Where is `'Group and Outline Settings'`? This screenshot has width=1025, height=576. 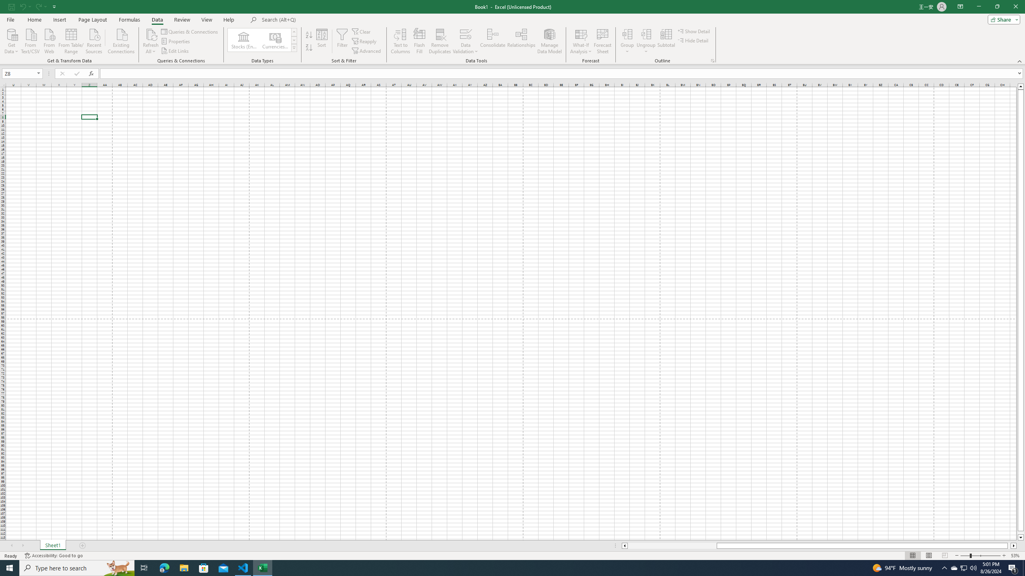
'Group and Outline Settings' is located at coordinates (712, 60).